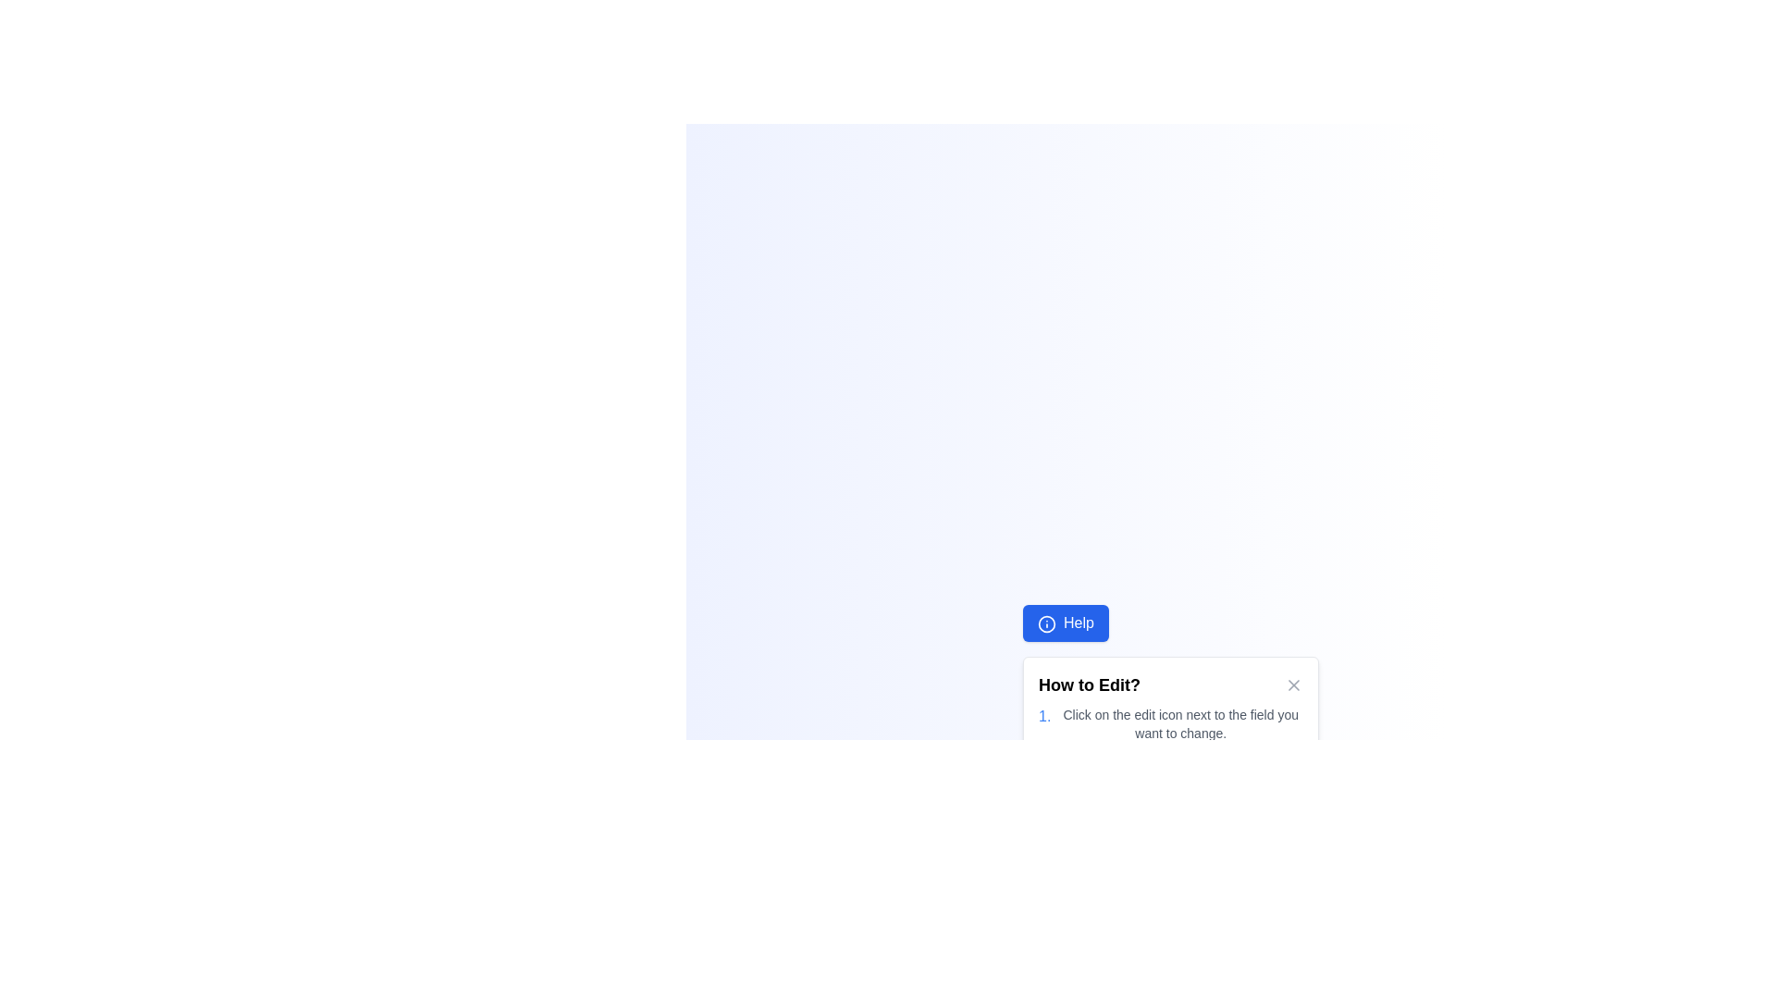 The height and width of the screenshot is (999, 1776). What do you see at coordinates (1293, 684) in the screenshot?
I see `the gray 'X' icon button located in the upper-right corner next to the text 'How to Edit?'` at bounding box center [1293, 684].